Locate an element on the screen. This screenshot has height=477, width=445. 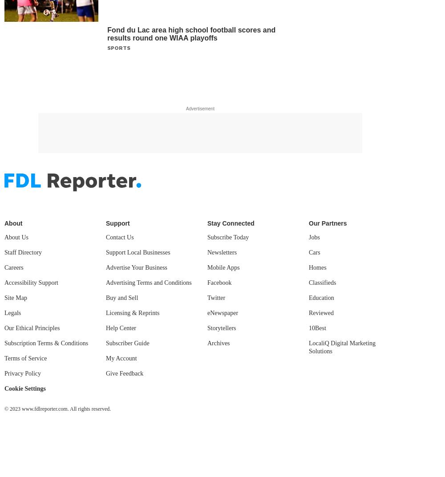
'Reviewed' is located at coordinates (320, 312).